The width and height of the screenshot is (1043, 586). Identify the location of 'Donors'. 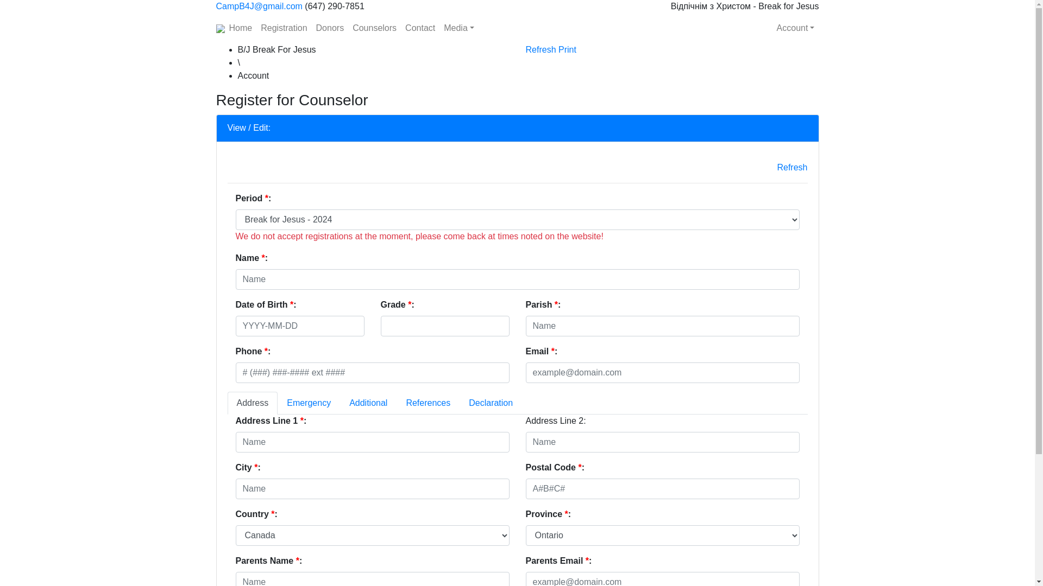
(330, 27).